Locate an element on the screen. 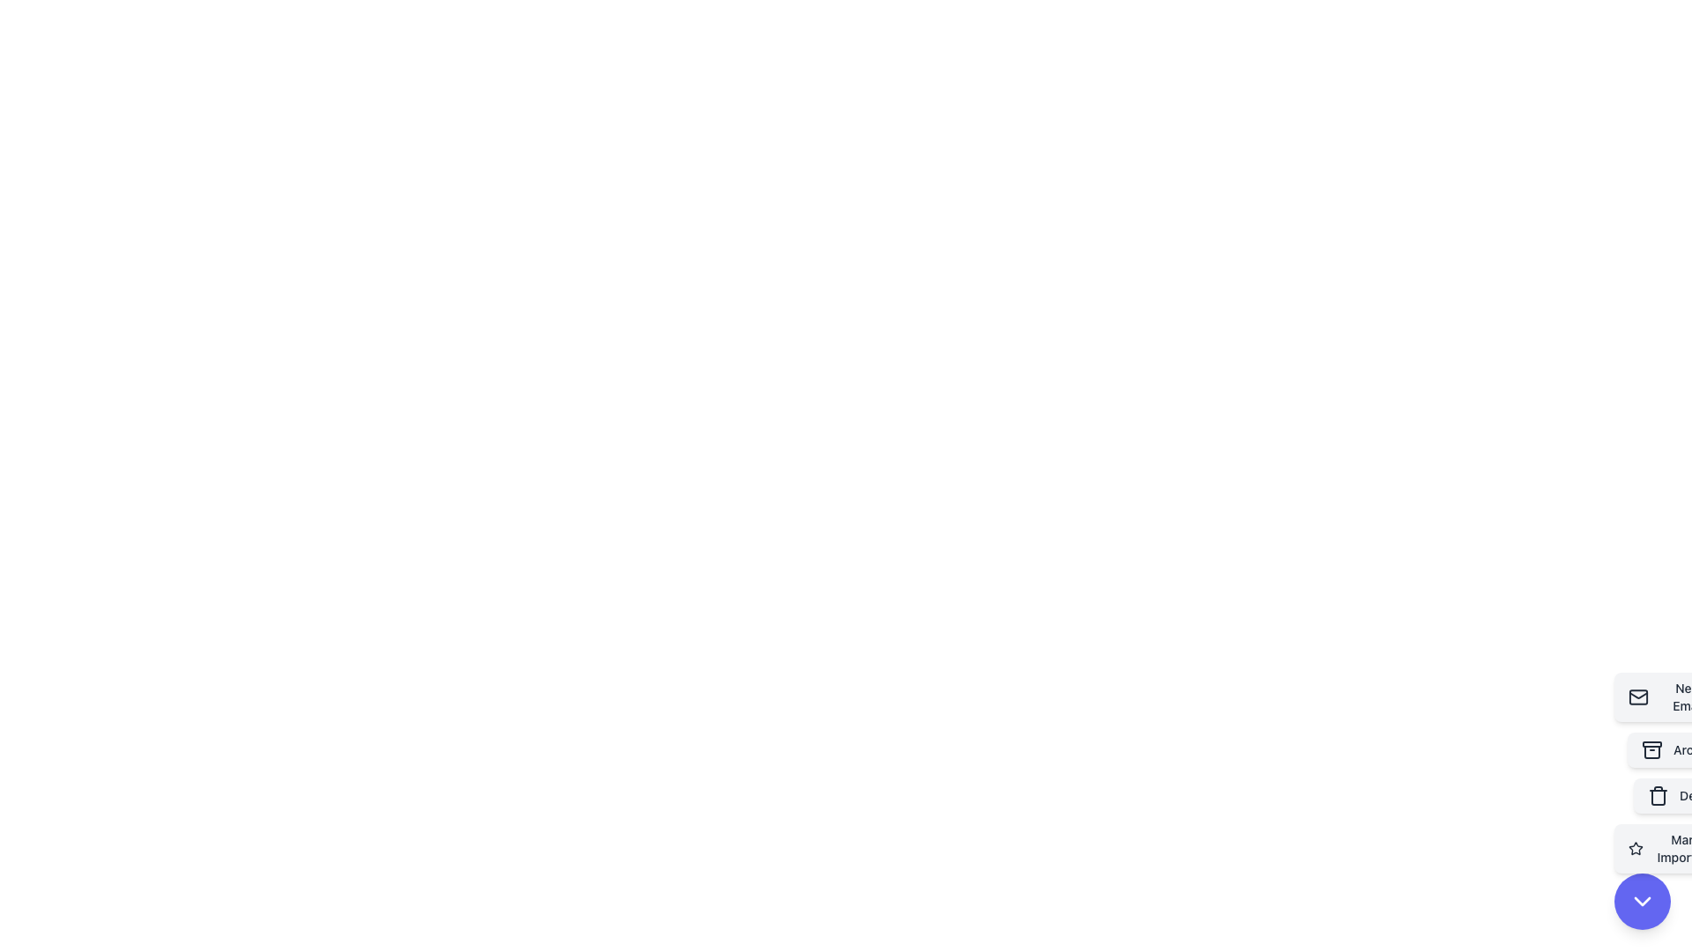  the downward-facing chevron icon located at the center of a circular button with a blue background is located at coordinates (1641, 901).